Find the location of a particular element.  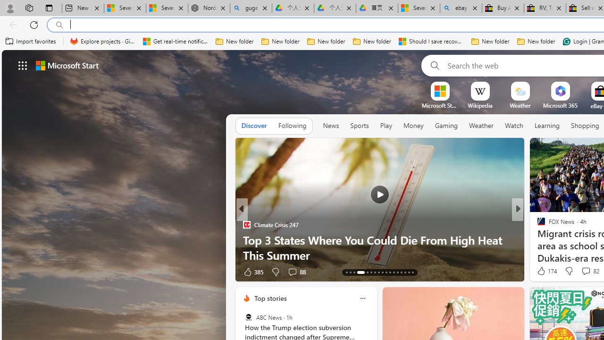

'Learning' is located at coordinates (547, 125).